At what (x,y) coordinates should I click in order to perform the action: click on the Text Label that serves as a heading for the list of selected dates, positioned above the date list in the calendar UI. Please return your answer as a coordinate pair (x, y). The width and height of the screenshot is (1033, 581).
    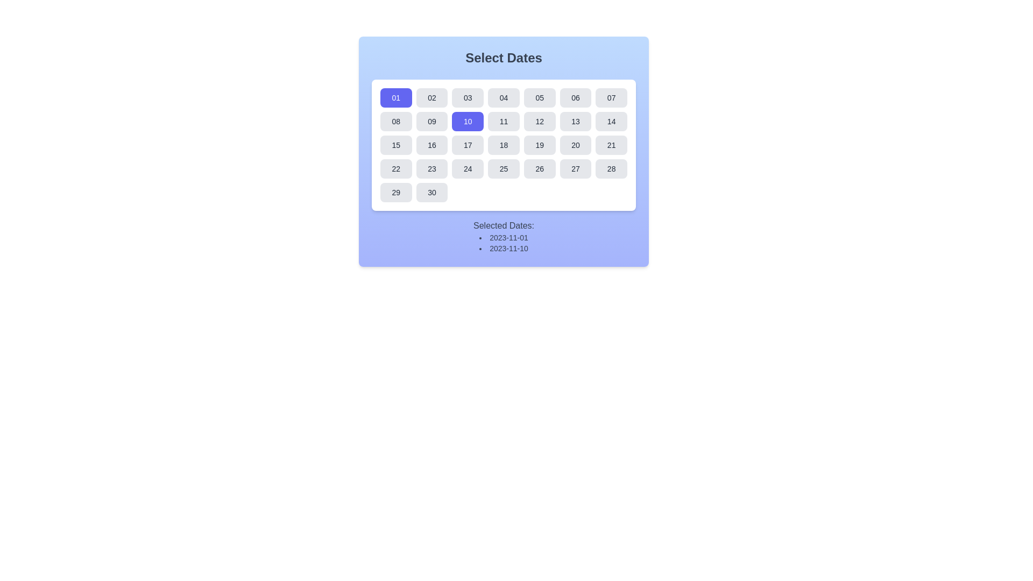
    Looking at the image, I should click on (503, 225).